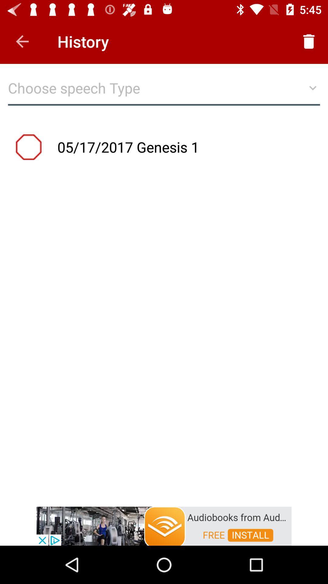 This screenshot has height=584, width=328. What do you see at coordinates (164, 91) in the screenshot?
I see `speech type dropdown list` at bounding box center [164, 91].